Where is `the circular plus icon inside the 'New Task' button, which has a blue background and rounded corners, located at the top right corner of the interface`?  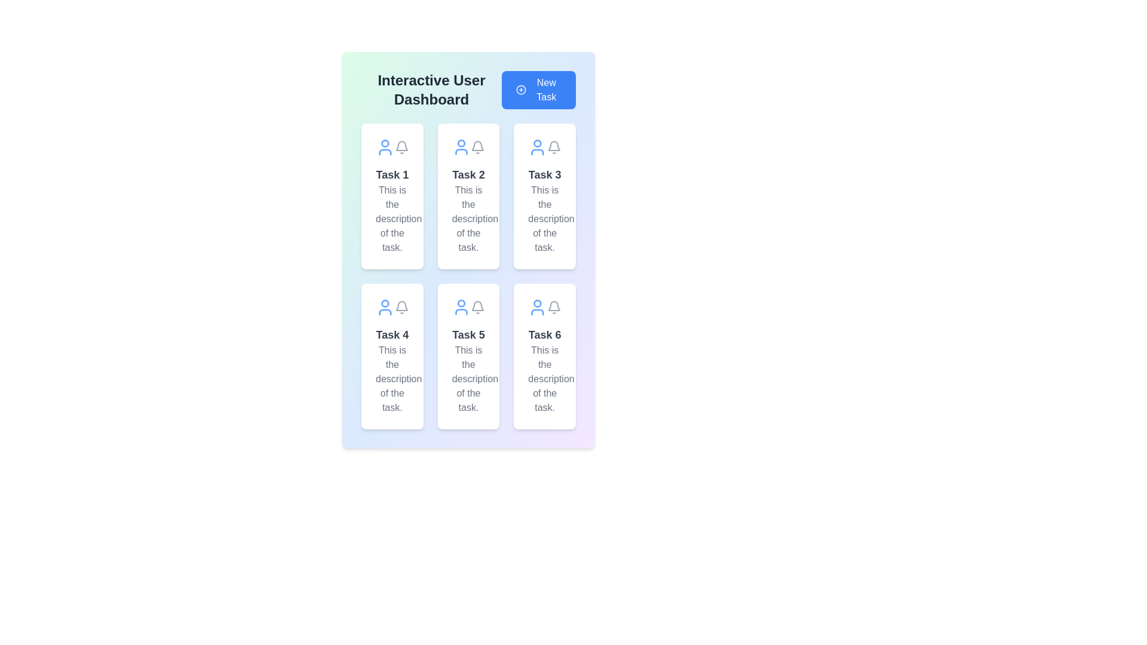
the circular plus icon inside the 'New Task' button, which has a blue background and rounded corners, located at the top right corner of the interface is located at coordinates (521, 89).